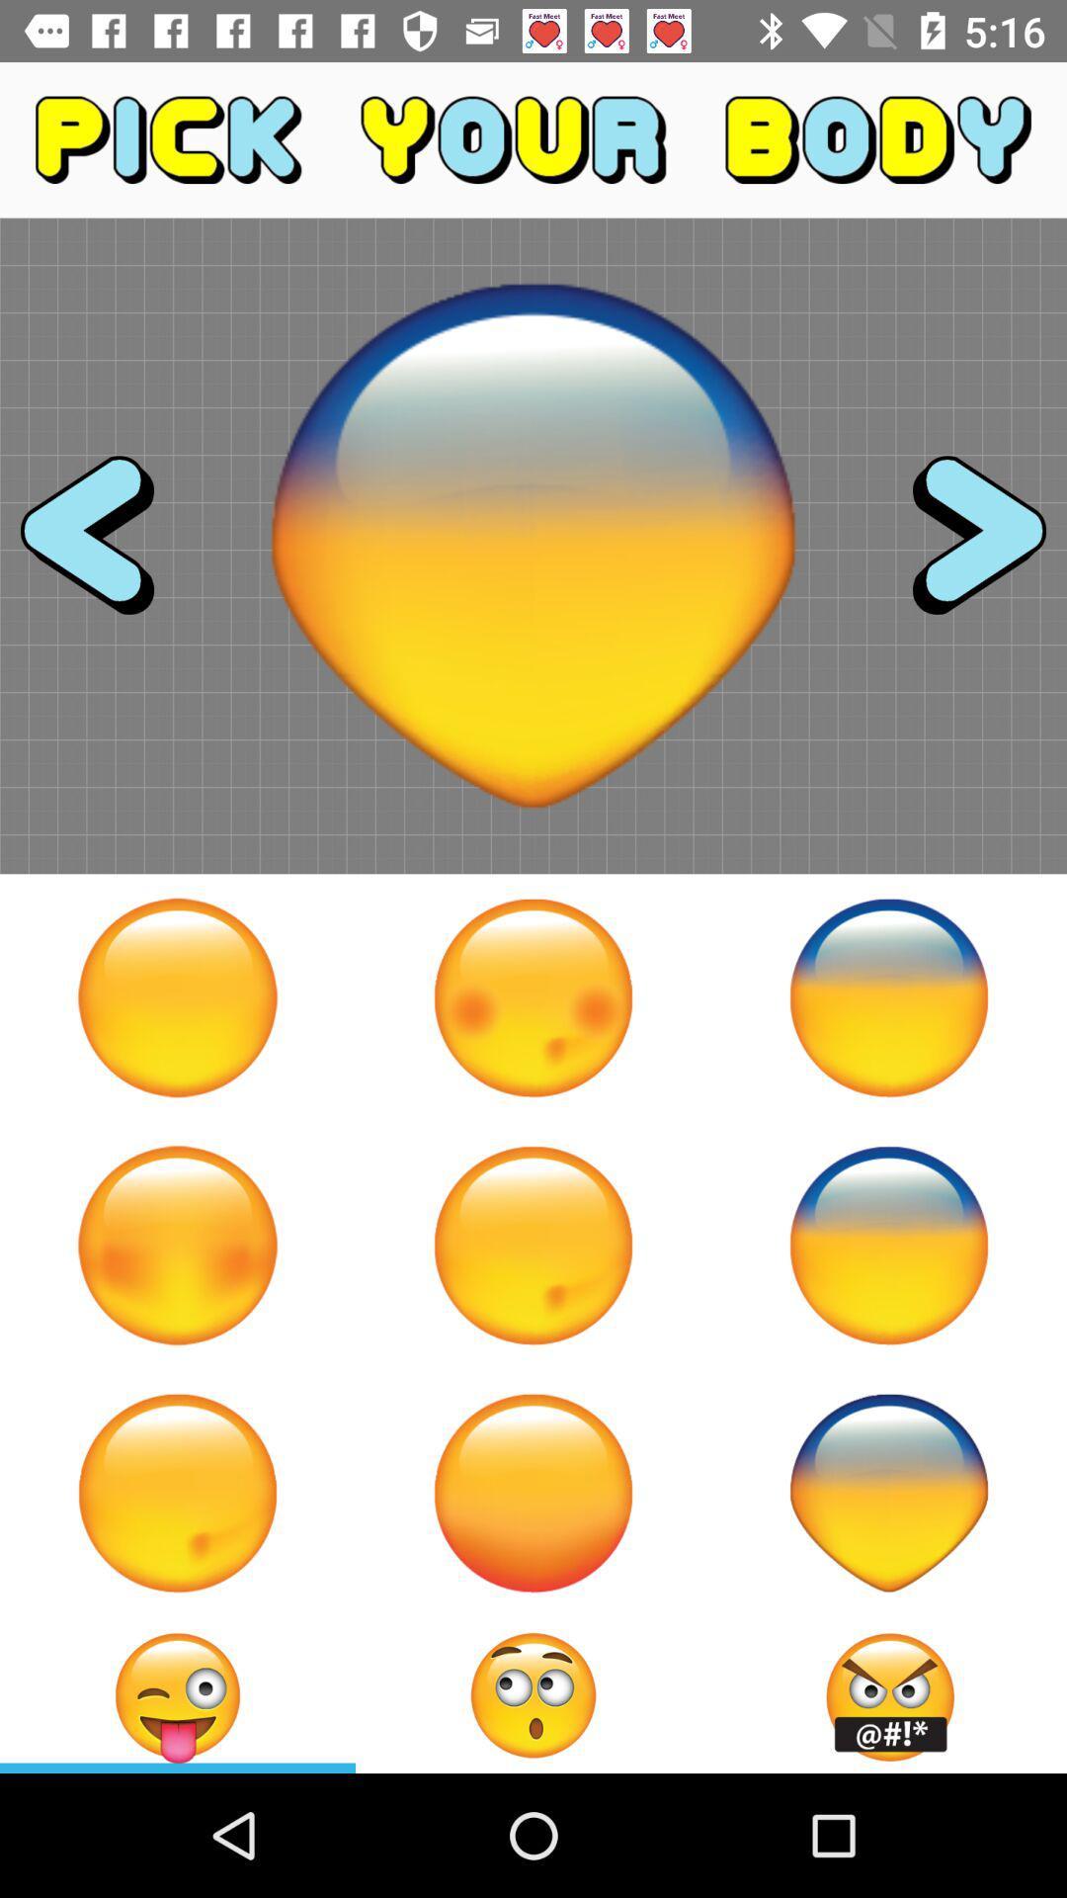 This screenshot has width=1067, height=1898. What do you see at coordinates (533, 1694) in the screenshot?
I see `the emoji icon` at bounding box center [533, 1694].